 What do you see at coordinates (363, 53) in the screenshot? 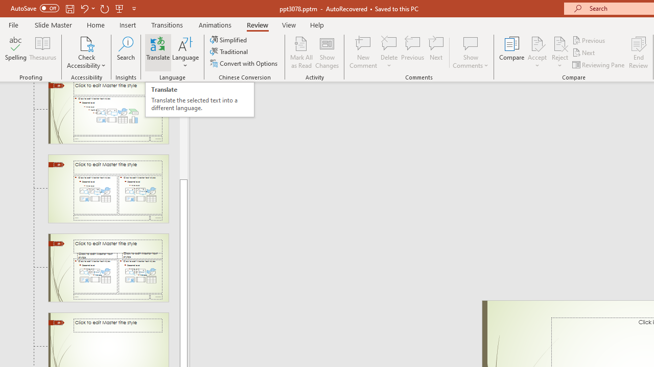
I see `'New Comment'` at bounding box center [363, 53].